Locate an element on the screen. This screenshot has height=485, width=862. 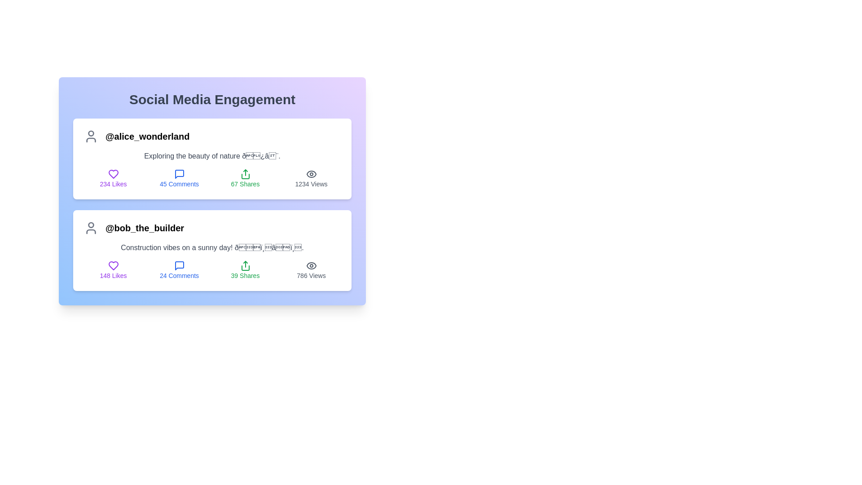
the 'like' icon located within the engagement statistics panel for user '@bob_the_builder', positioned to the left of the 'Likes' count indicator is located at coordinates (113, 265).